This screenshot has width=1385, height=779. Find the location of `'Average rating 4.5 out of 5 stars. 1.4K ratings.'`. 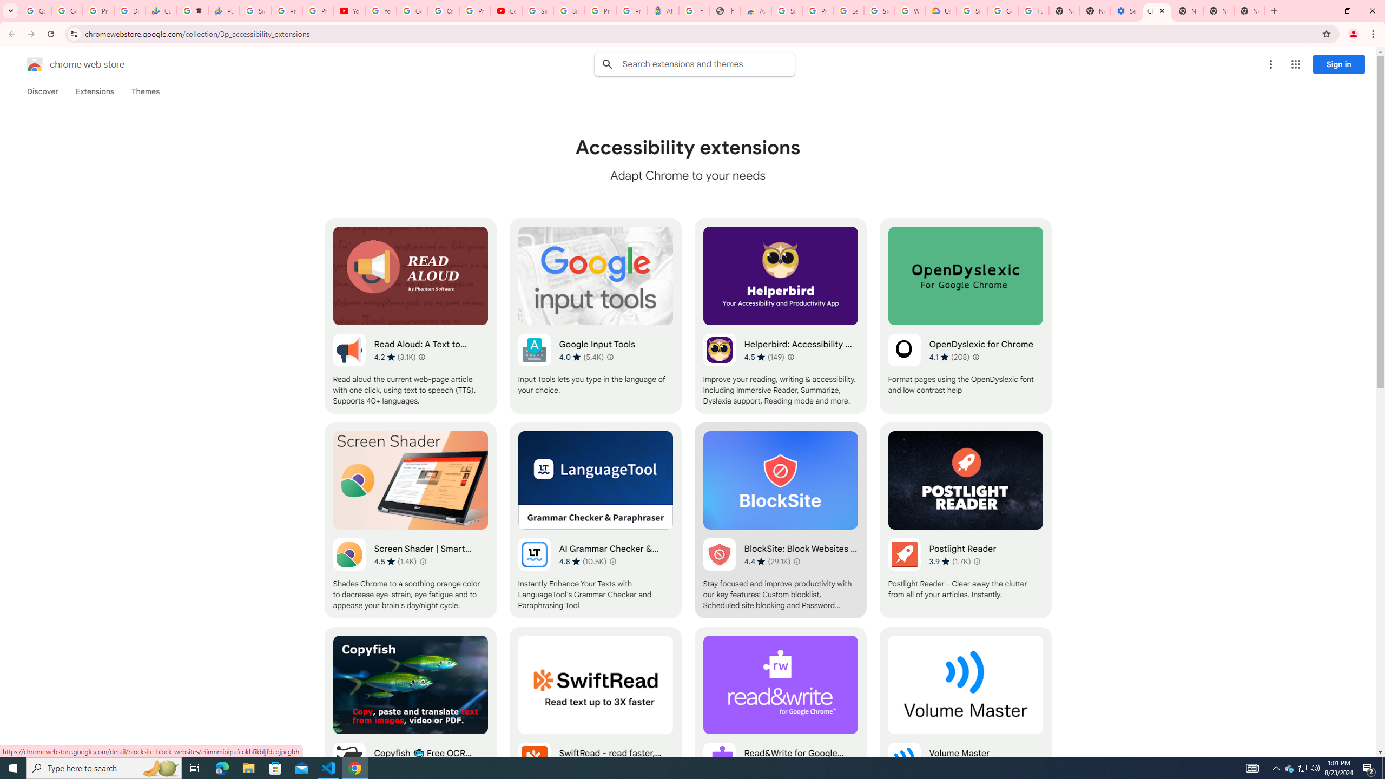

'Average rating 4.5 out of 5 stars. 1.4K ratings.' is located at coordinates (394, 561).